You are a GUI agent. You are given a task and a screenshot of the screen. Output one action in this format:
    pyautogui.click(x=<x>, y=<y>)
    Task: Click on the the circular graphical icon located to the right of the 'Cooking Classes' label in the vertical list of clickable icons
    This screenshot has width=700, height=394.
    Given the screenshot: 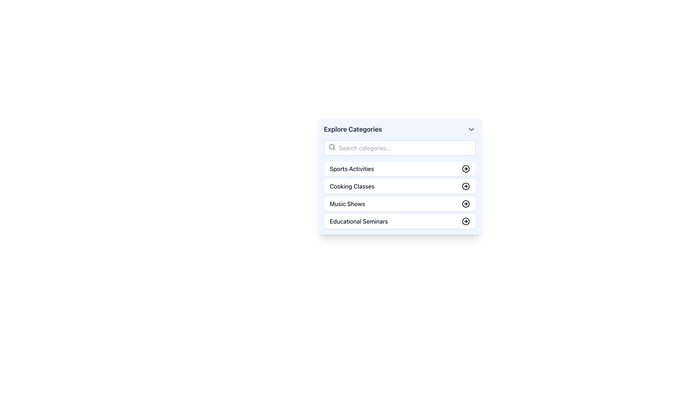 What is the action you would take?
    pyautogui.click(x=465, y=186)
    